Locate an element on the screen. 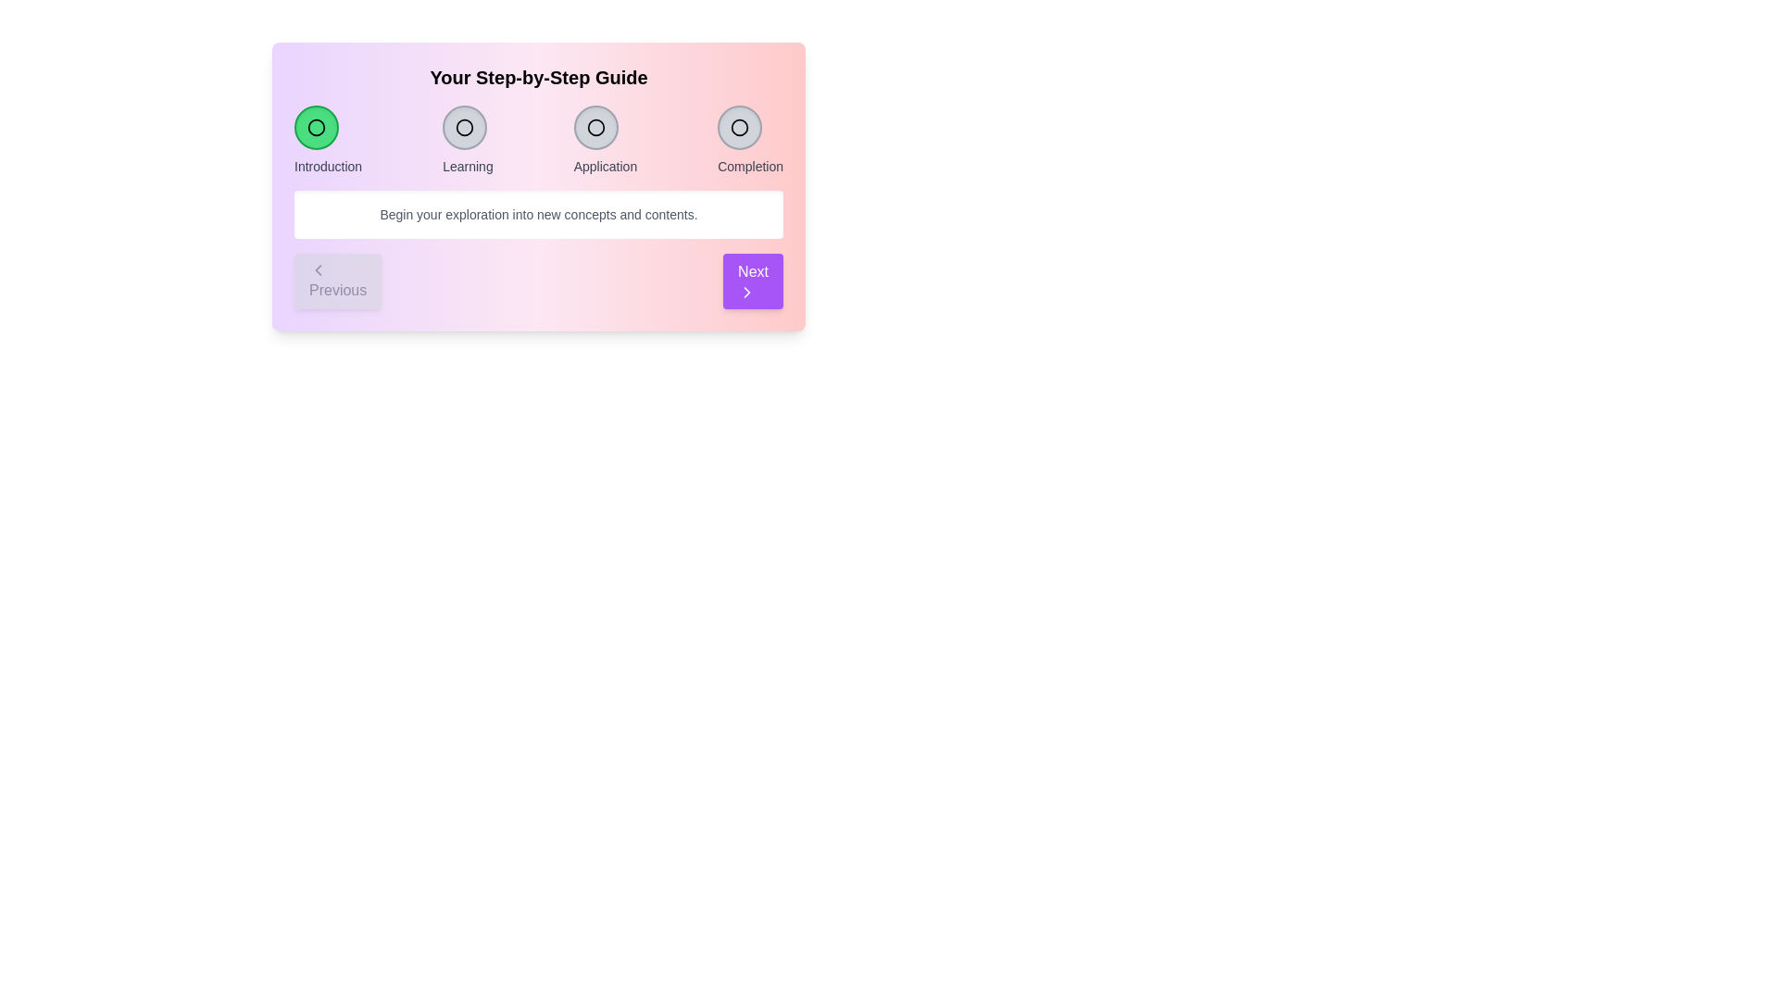 The width and height of the screenshot is (1778, 1000). the navigation button located at the bottom right corner of the navigation options box to proceed to the next step in the guided process is located at coordinates (753, 281).